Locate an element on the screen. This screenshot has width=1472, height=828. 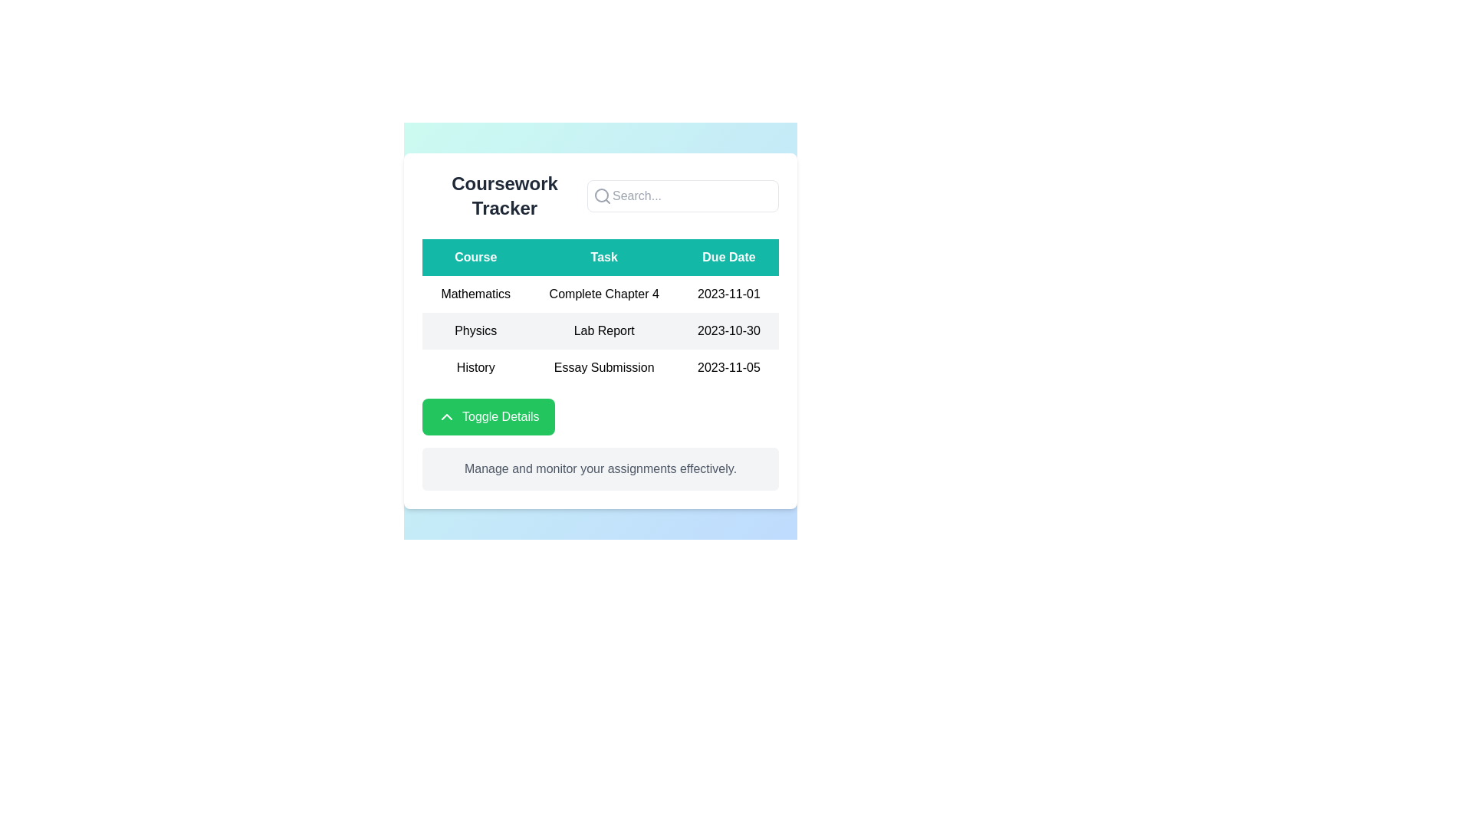
the search icon represented as a magnifying glass symbol, which is gray in color and located to the left inside the search input field adjacent to the placeholder text 'Search...' is located at coordinates (602, 195).